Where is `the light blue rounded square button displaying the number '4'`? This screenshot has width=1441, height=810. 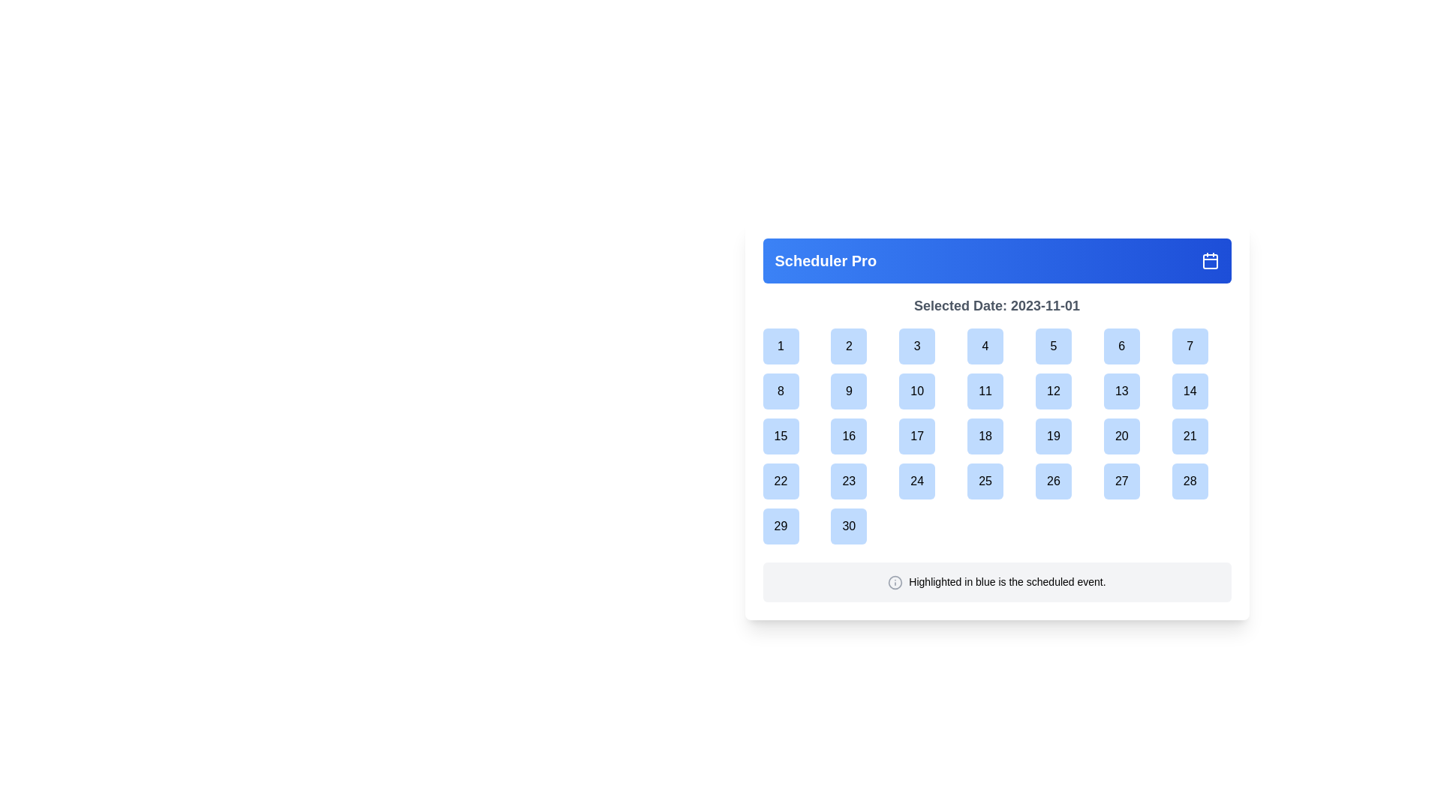 the light blue rounded square button displaying the number '4' is located at coordinates (985, 346).